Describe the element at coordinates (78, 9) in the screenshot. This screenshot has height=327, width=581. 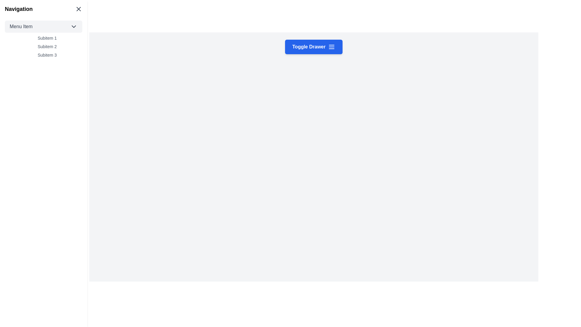
I see `the Close Icon Button located in the top-left corner of the interface, above the Navigation sidebar, to receive potential visual feedback` at that location.